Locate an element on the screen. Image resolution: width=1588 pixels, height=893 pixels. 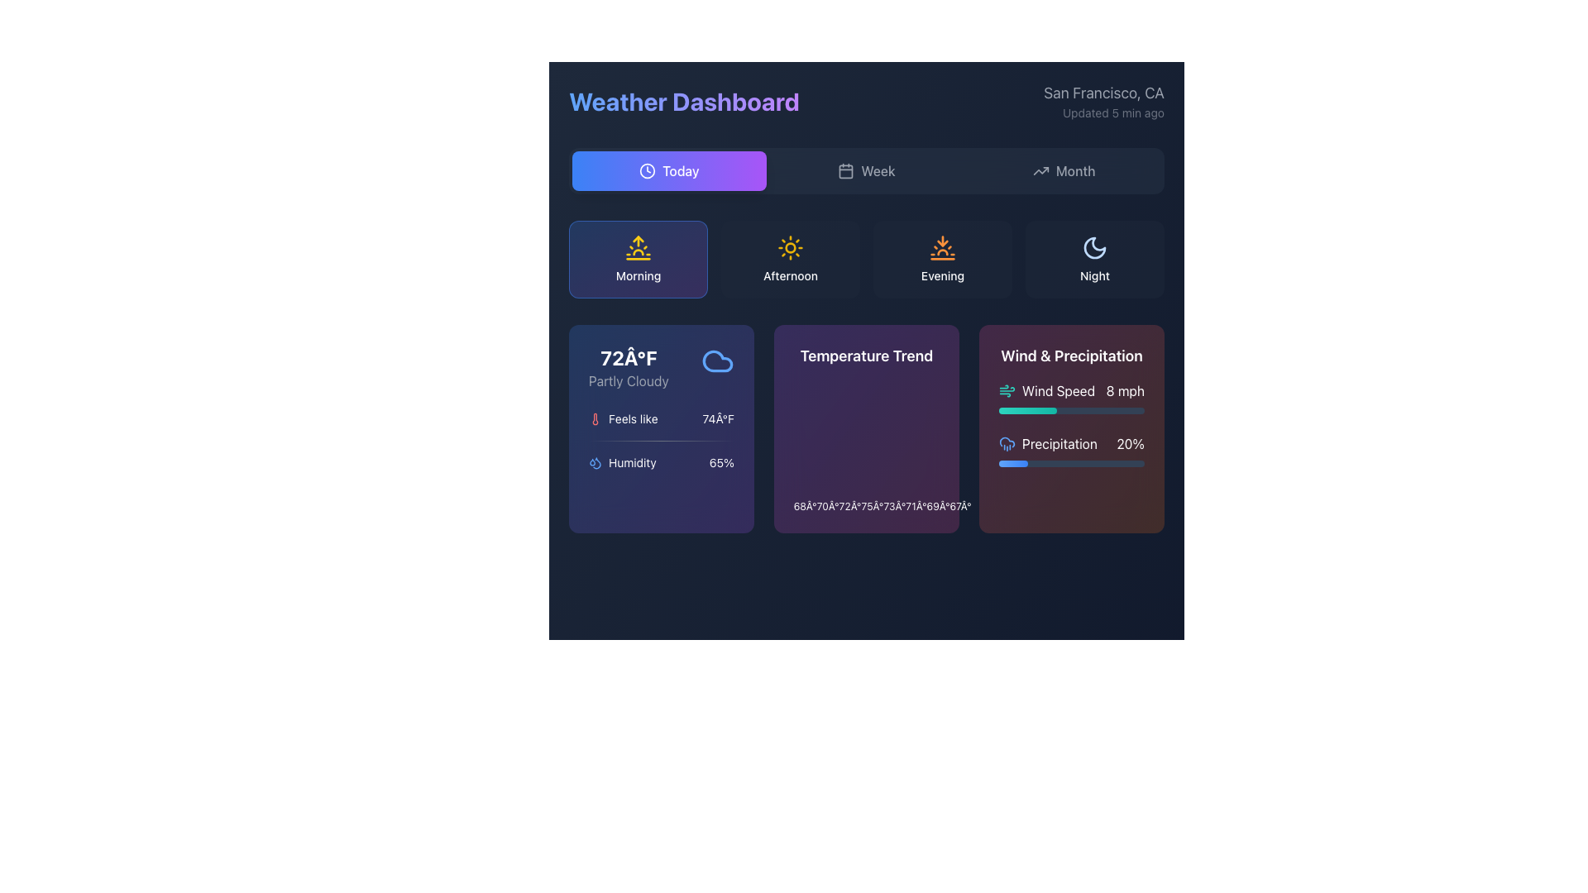
the small clock icon located within the rounded rectangular button labeled 'Today', which is part of a segmented control at the top of the interface is located at coordinates (646, 171).